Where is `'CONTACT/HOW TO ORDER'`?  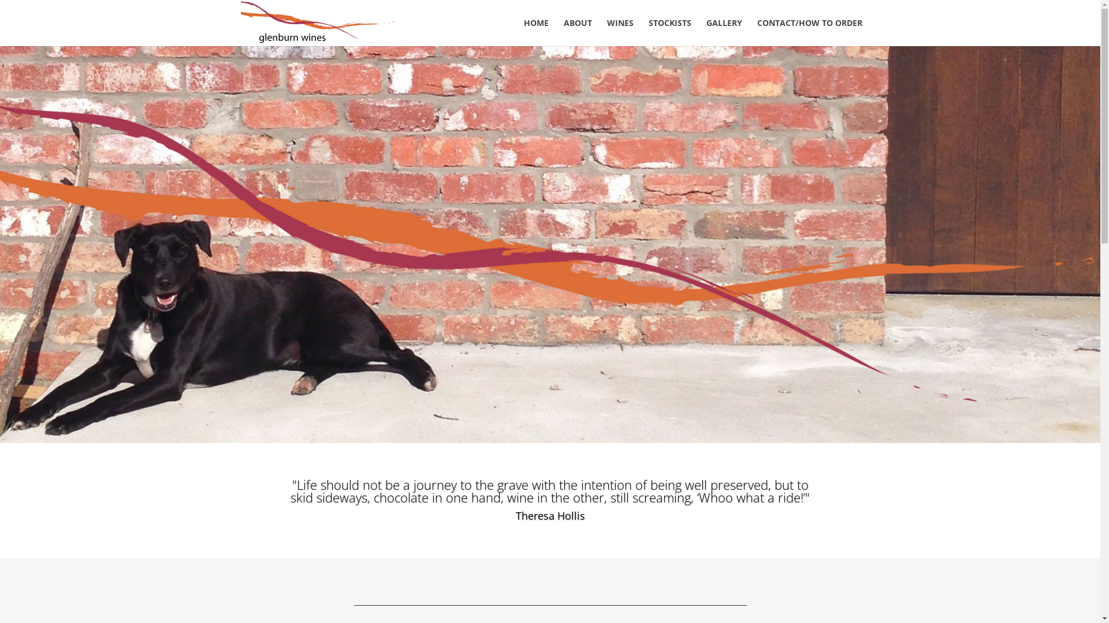
'CONTACT/HOW TO ORDER' is located at coordinates (809, 32).